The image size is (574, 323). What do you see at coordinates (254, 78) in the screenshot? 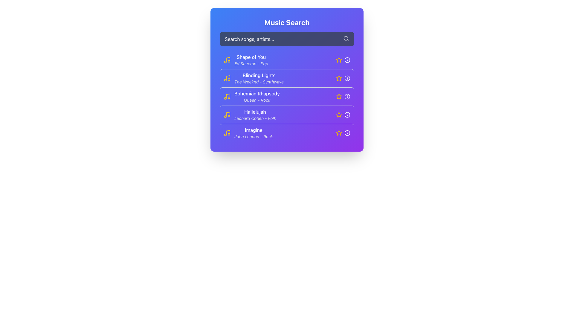
I see `the second music track item in the list, which displays the title and artist genre` at bounding box center [254, 78].